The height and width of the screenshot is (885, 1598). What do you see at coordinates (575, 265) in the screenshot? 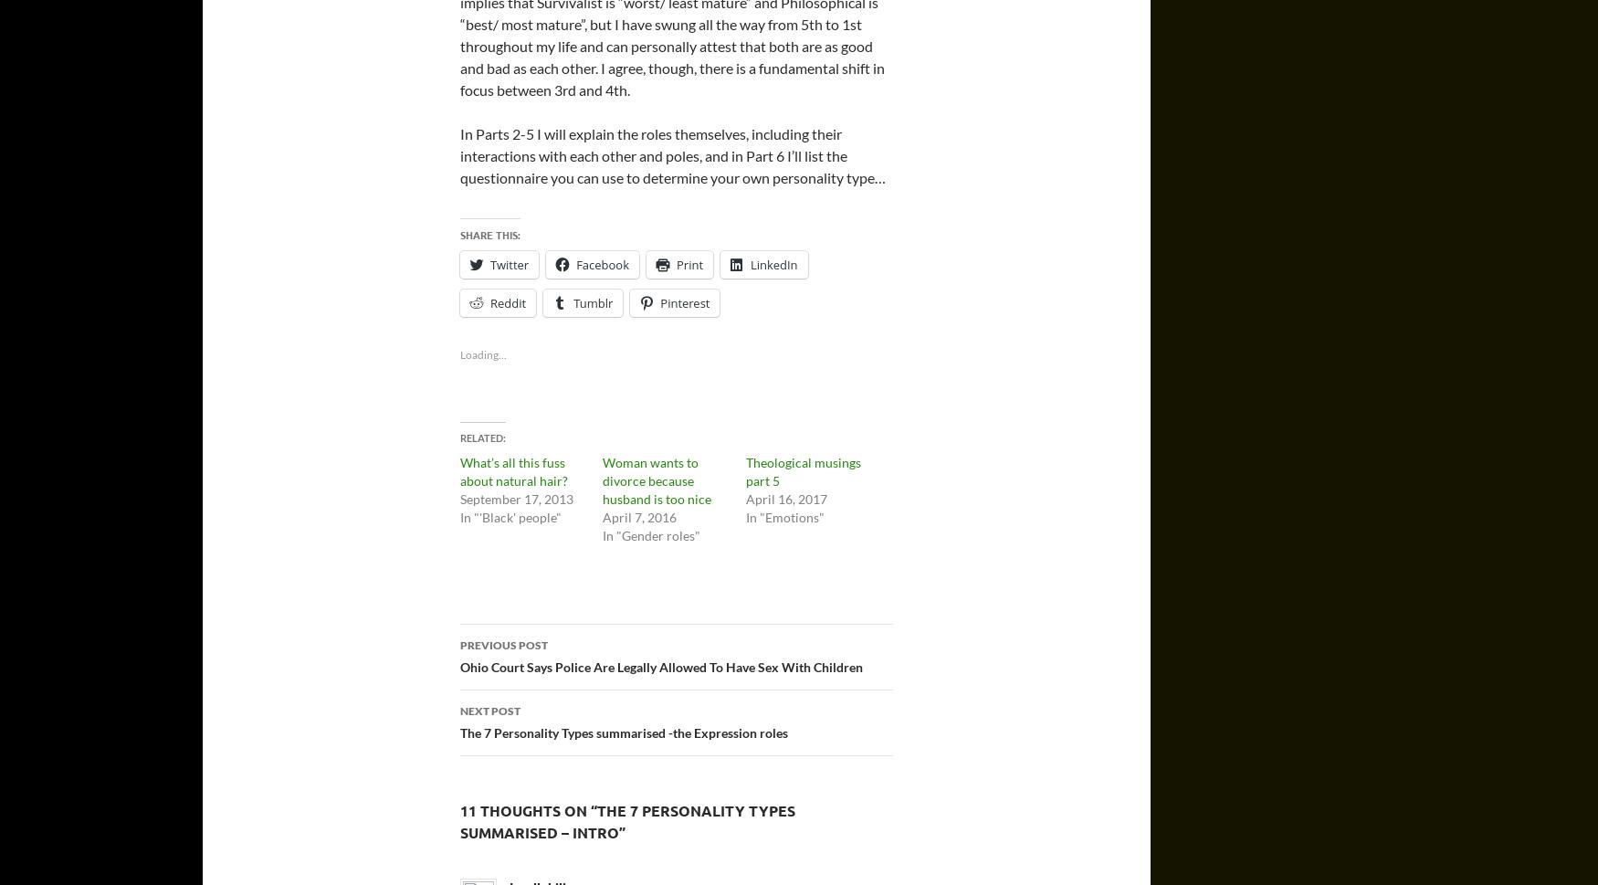
I see `'Facebook'` at bounding box center [575, 265].